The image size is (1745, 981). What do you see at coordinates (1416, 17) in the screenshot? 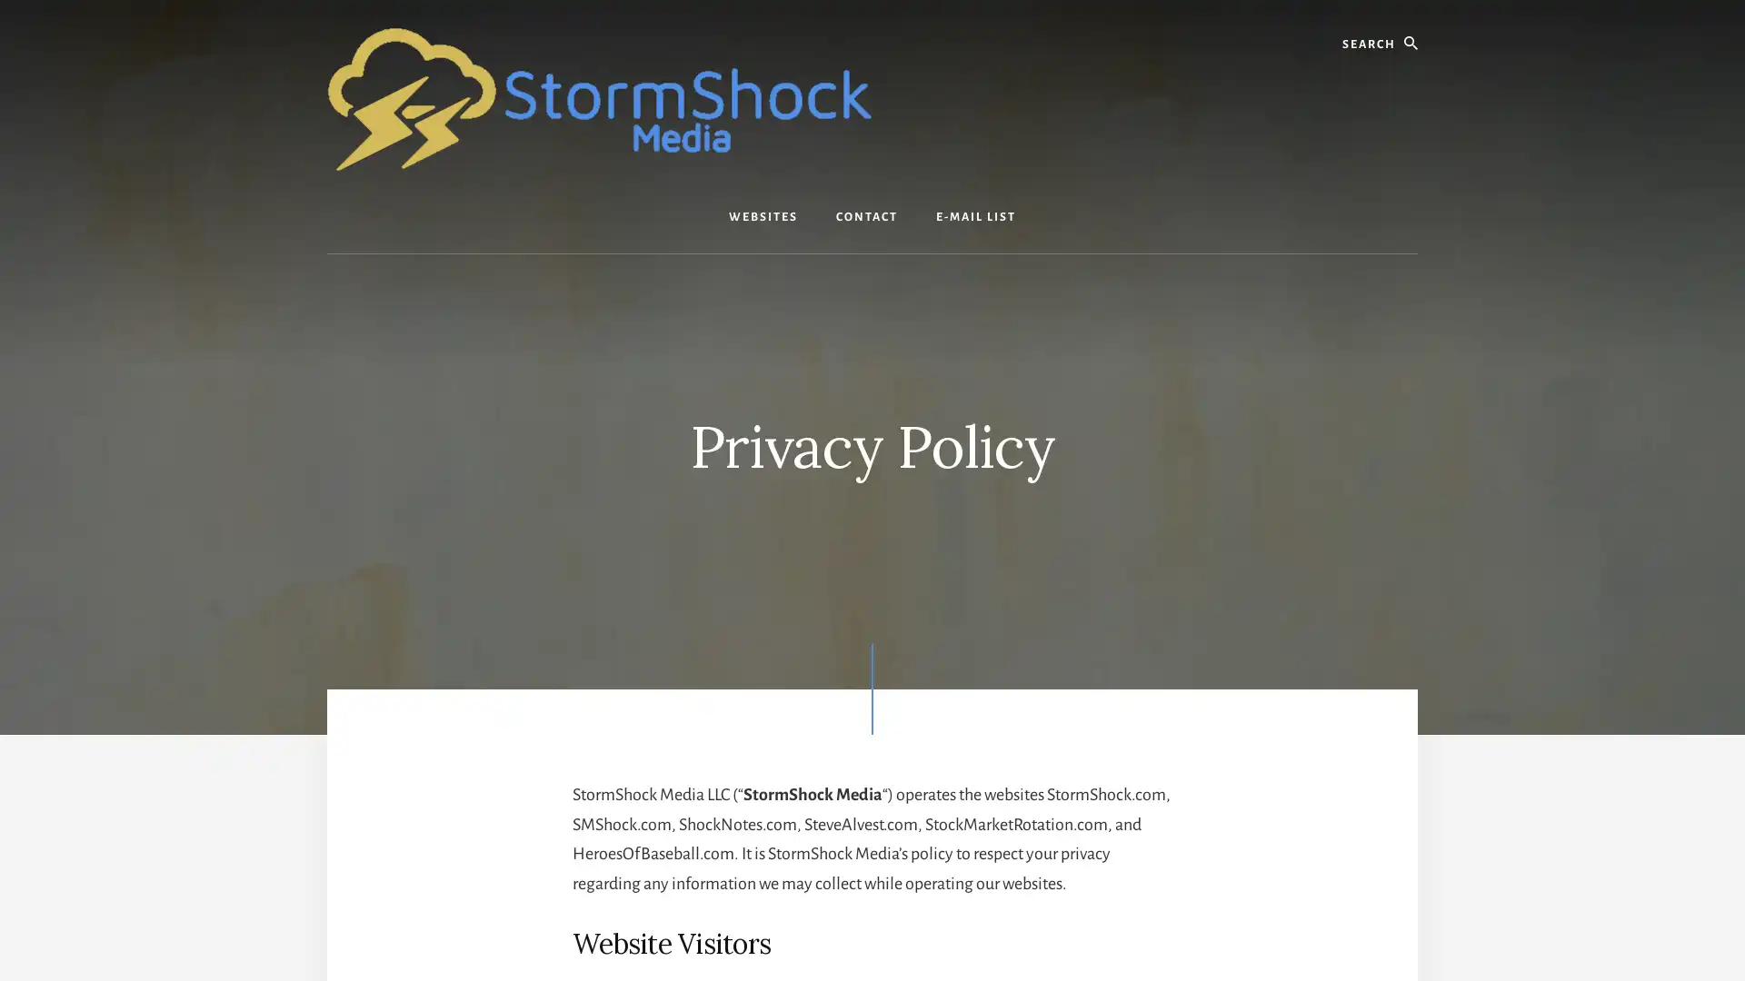
I see `Search` at bounding box center [1416, 17].